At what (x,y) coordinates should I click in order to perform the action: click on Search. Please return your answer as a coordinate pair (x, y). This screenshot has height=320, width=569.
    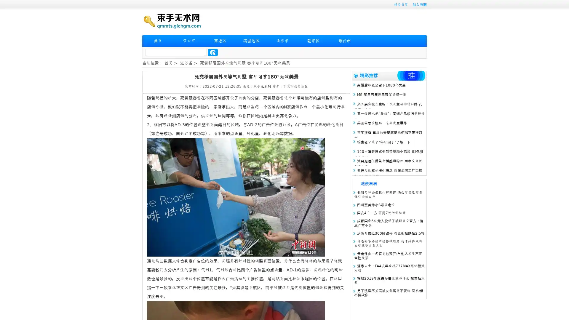
    Looking at the image, I should click on (213, 52).